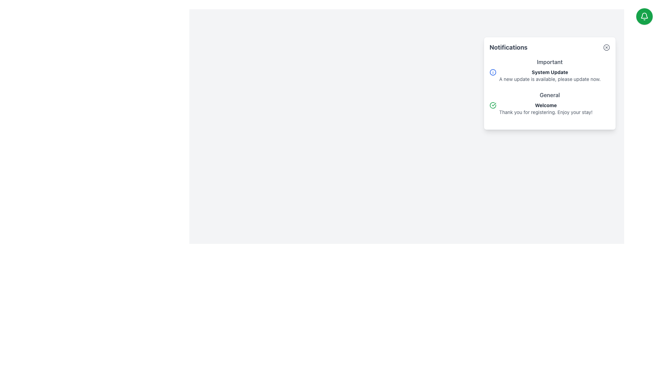  Describe the element at coordinates (545, 108) in the screenshot. I see `welcoming message text from the Text Block located in the notification panel under the 'General' section, positioned below the green checkmark icon` at that location.